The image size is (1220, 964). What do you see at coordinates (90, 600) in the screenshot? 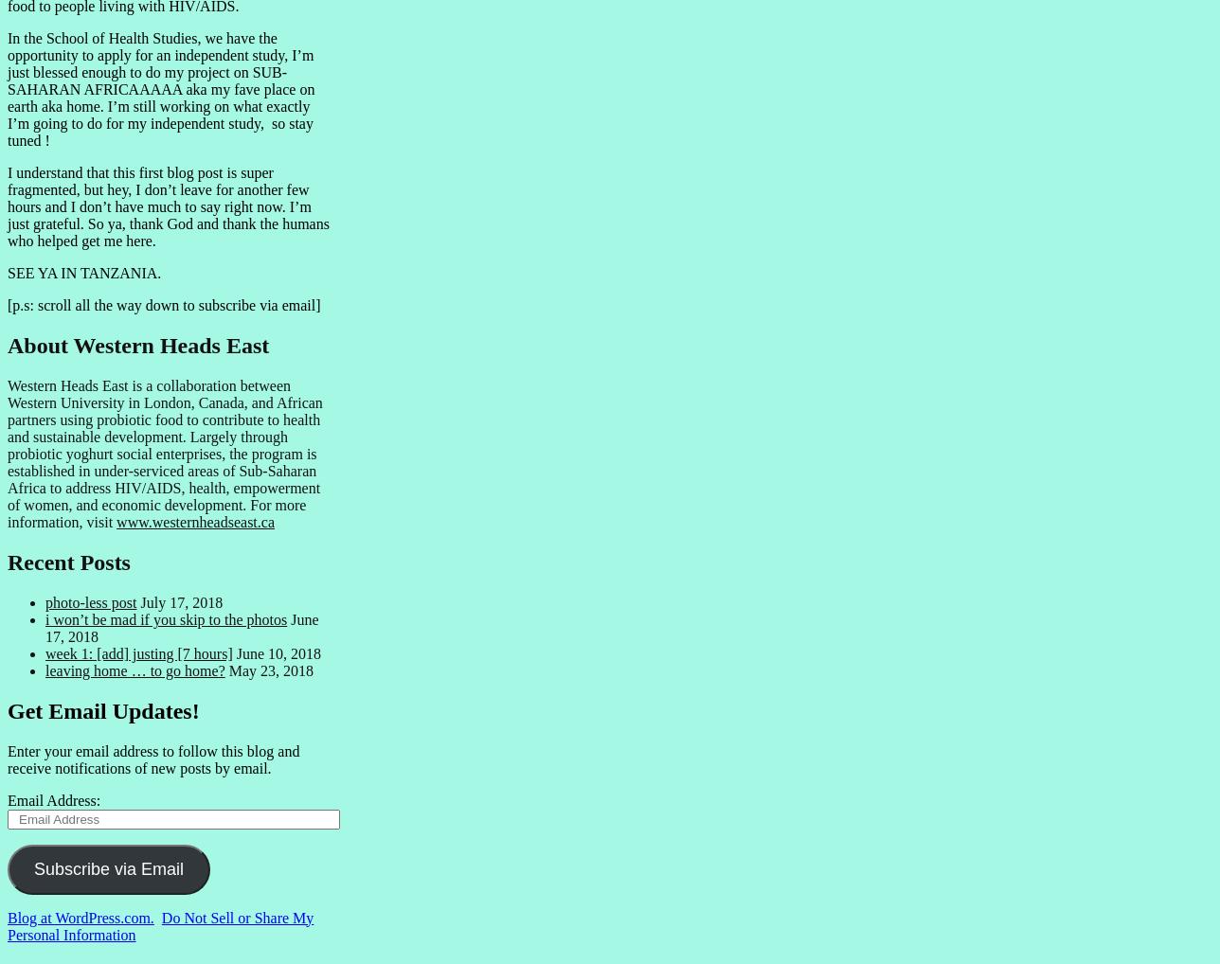
I see `'photo-less post'` at bounding box center [90, 600].